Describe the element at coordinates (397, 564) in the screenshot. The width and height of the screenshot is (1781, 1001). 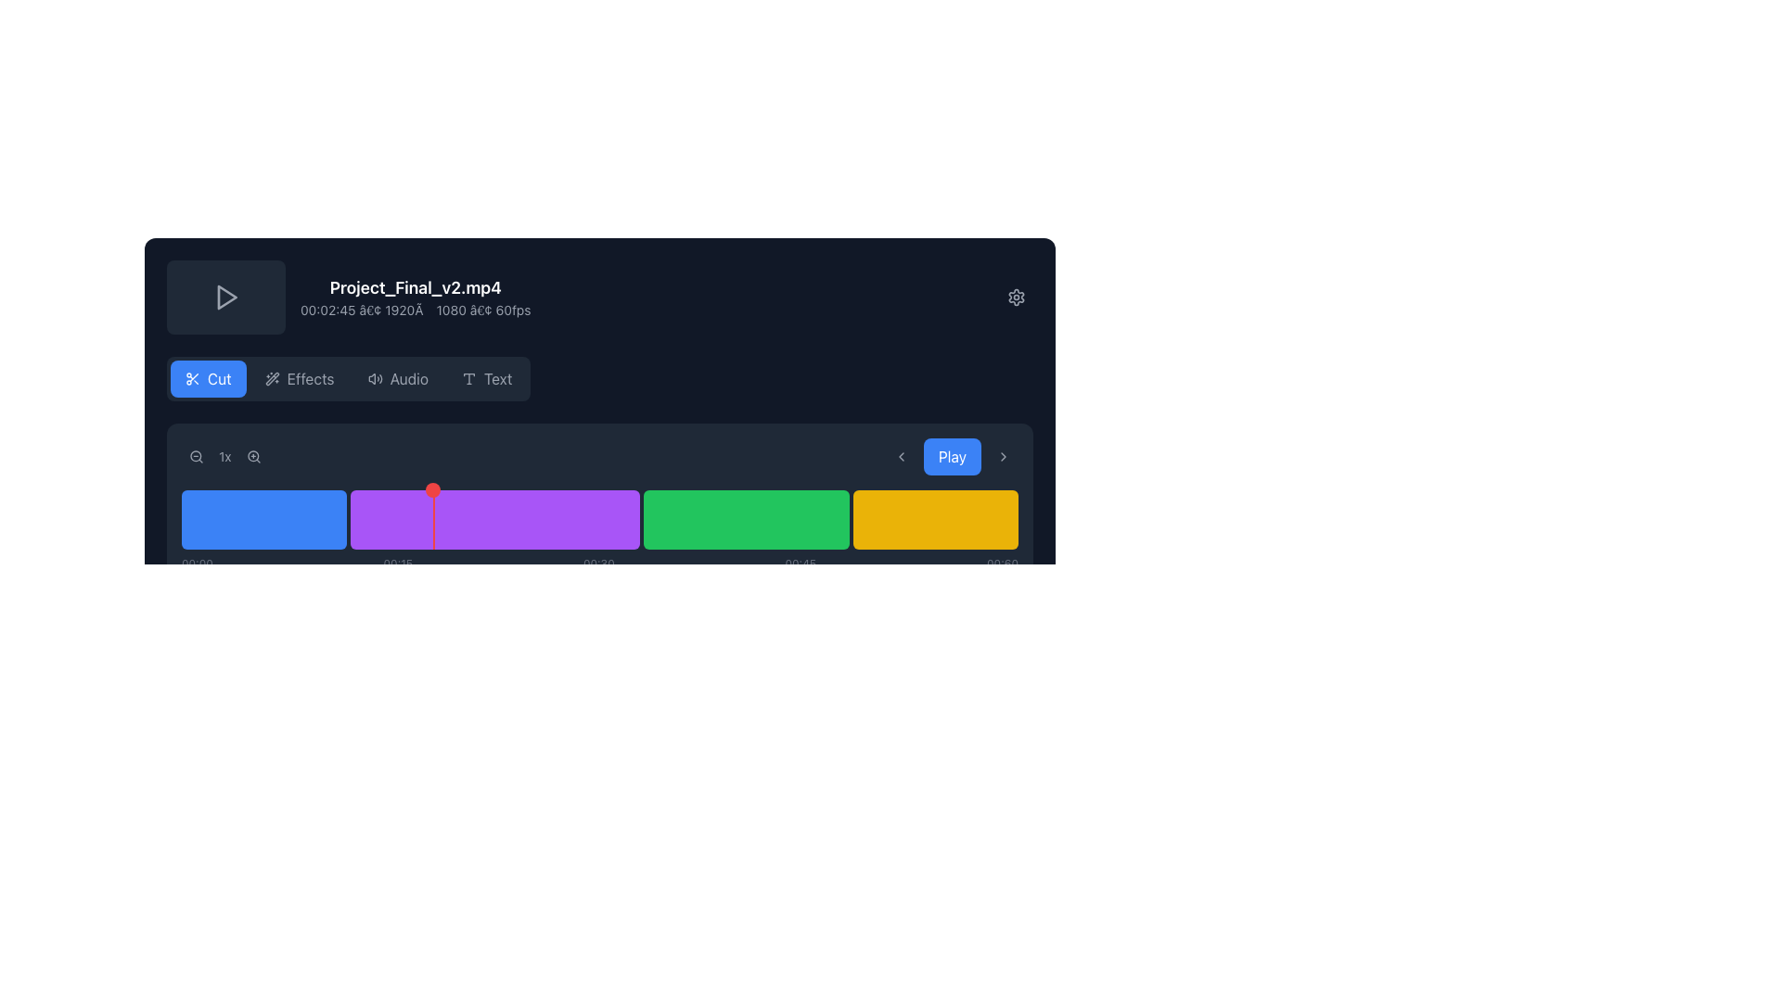
I see `the time marker text label positioned between '00:00' and '00:30' in the media timeline` at that location.